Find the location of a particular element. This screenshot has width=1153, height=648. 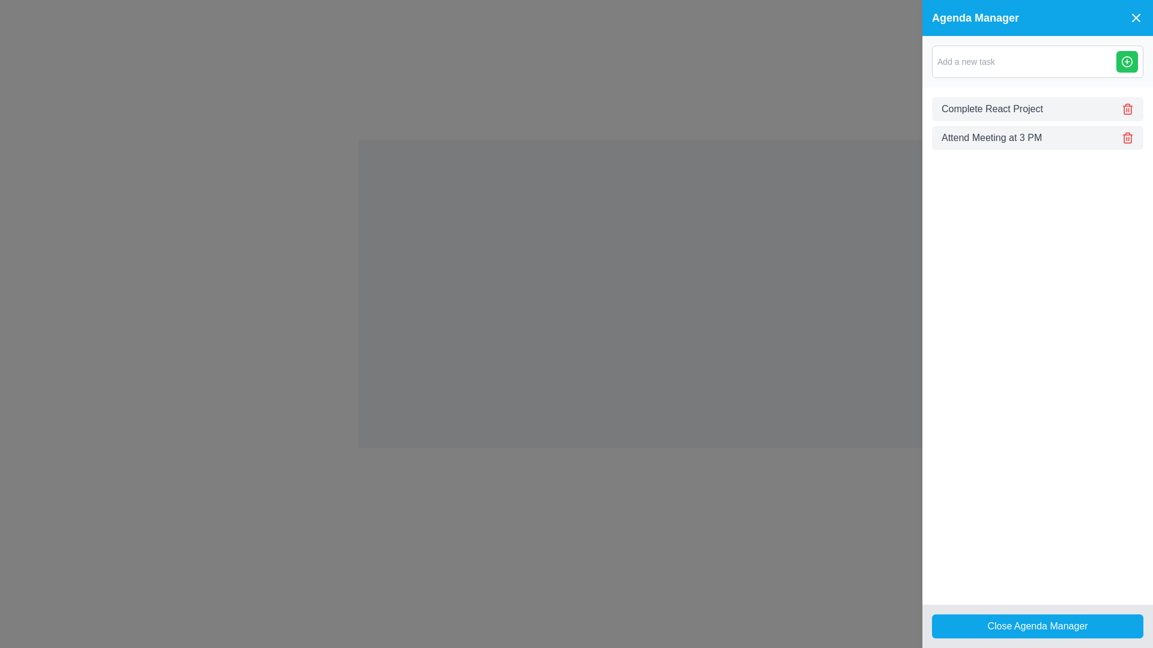

the button used to add a new task to the agenda list is located at coordinates (1126, 62).